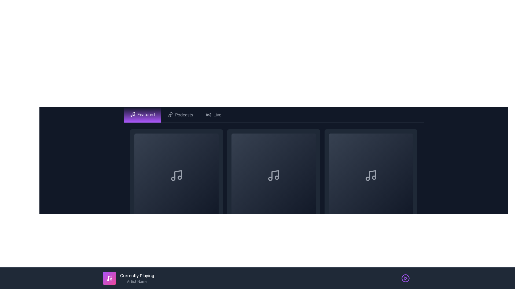 Image resolution: width=515 pixels, height=289 pixels. Describe the element at coordinates (179, 178) in the screenshot. I see `the decorative musical note icon located at the lower portion of the musical note icon in the first card of a horizontally aligned card list` at that location.